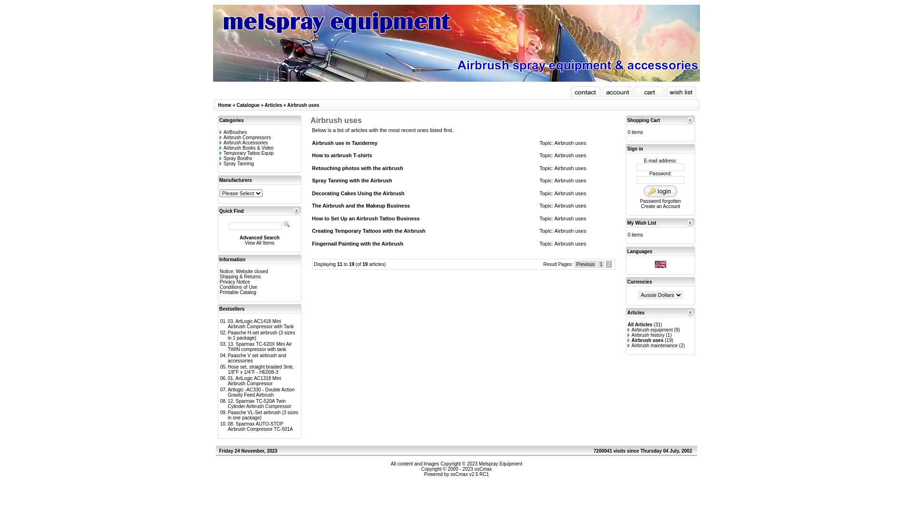 The image size is (913, 513). What do you see at coordinates (260, 346) in the screenshot?
I see `'13. Sparmax TC-620X Mini Air TWIN compressor with tank'` at bounding box center [260, 346].